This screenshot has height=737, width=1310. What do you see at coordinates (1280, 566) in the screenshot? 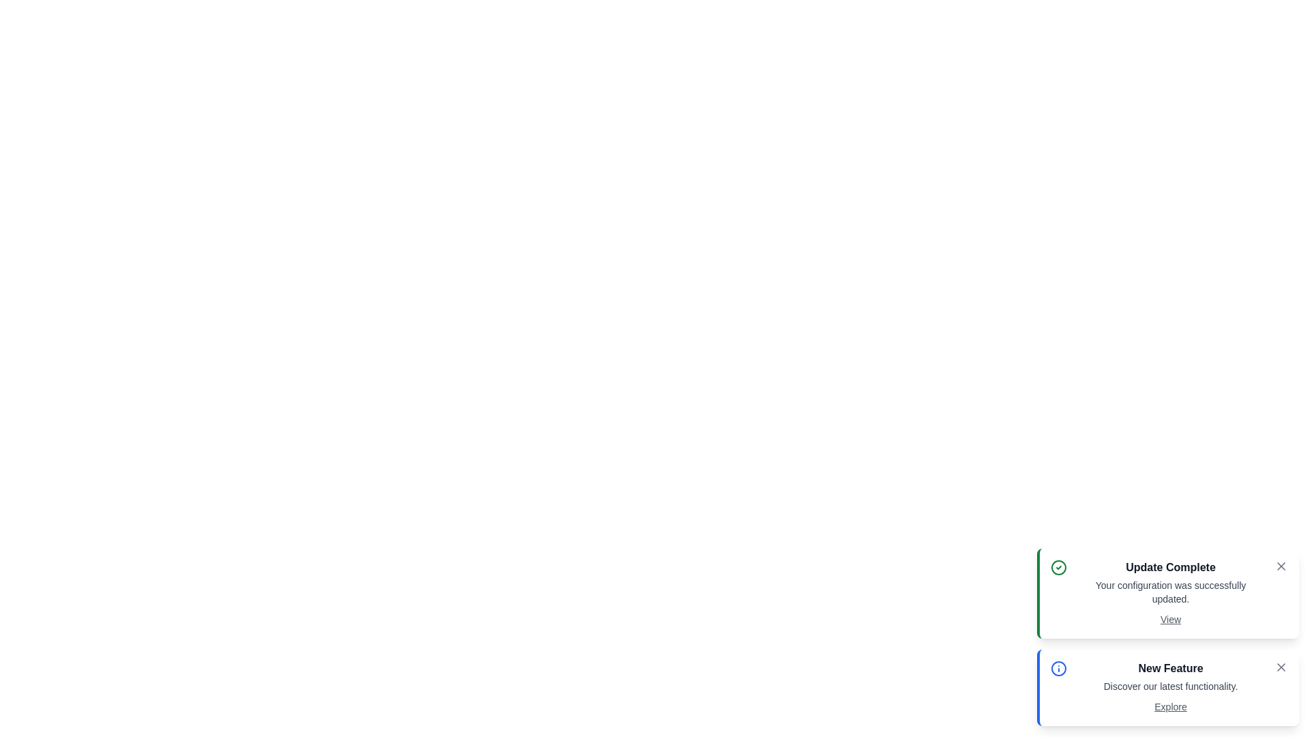
I see `the close button of the 'Update Complete' notification to dismiss it` at bounding box center [1280, 566].